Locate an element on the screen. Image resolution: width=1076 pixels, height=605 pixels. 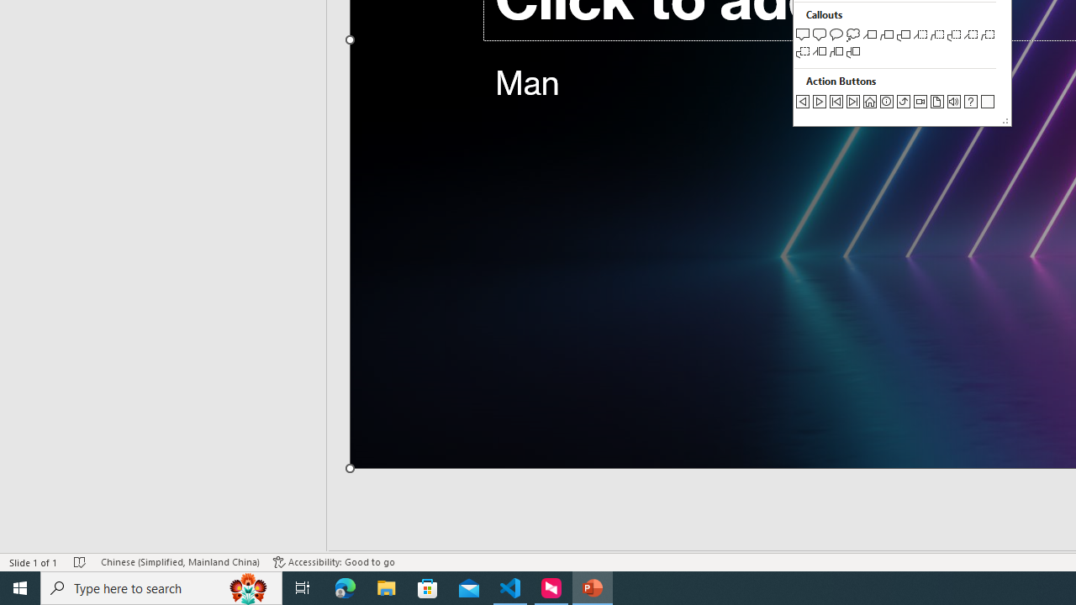
'File Explorer' is located at coordinates (386, 587).